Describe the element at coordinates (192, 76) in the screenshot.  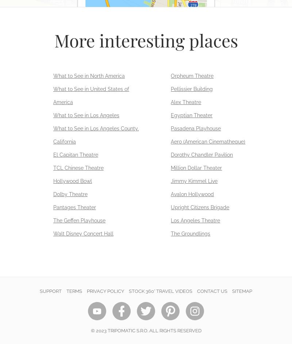
I see `'Orpheum Theatre'` at that location.